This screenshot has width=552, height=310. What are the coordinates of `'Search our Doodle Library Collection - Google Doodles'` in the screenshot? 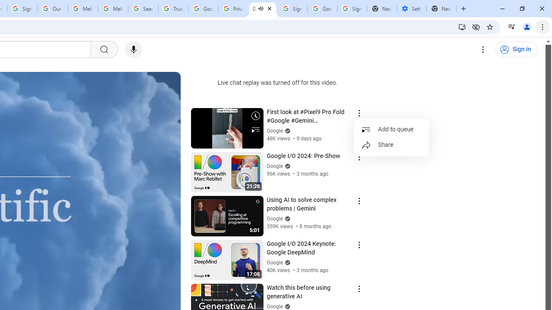 It's located at (143, 9).